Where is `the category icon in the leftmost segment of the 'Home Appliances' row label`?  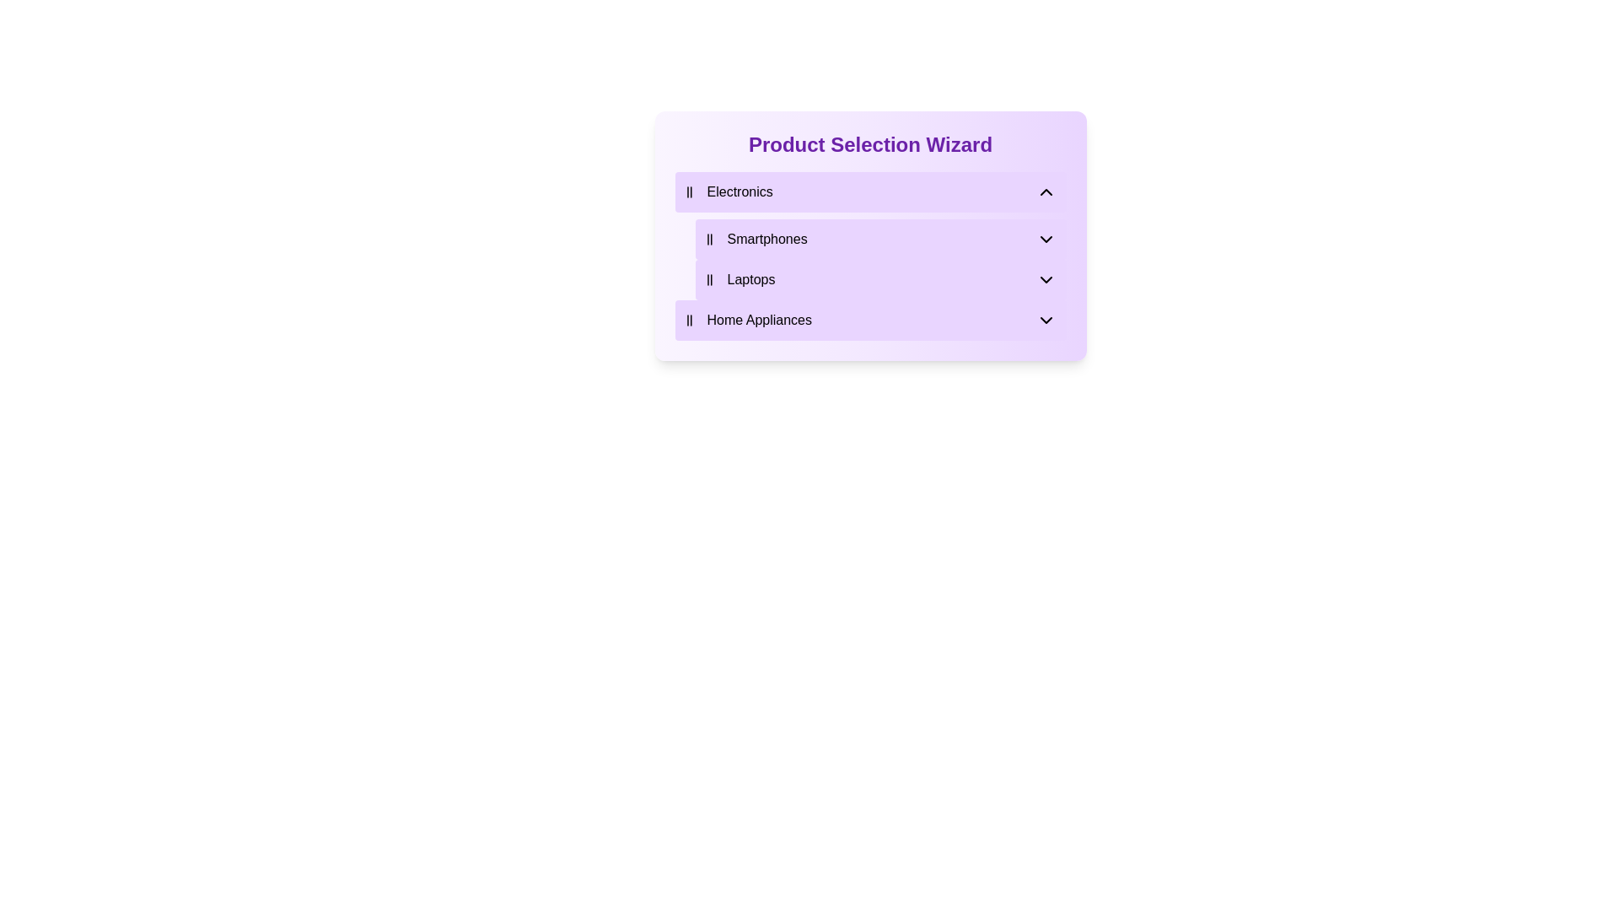 the category icon in the leftmost segment of the 'Home Appliances' row label is located at coordinates (692, 321).